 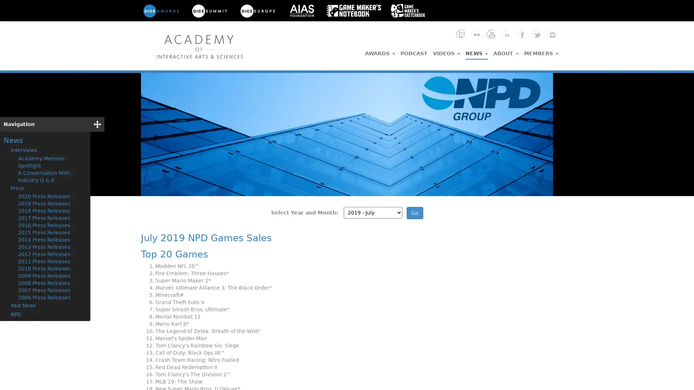 I want to click on ABOUT, so click(x=506, y=51).